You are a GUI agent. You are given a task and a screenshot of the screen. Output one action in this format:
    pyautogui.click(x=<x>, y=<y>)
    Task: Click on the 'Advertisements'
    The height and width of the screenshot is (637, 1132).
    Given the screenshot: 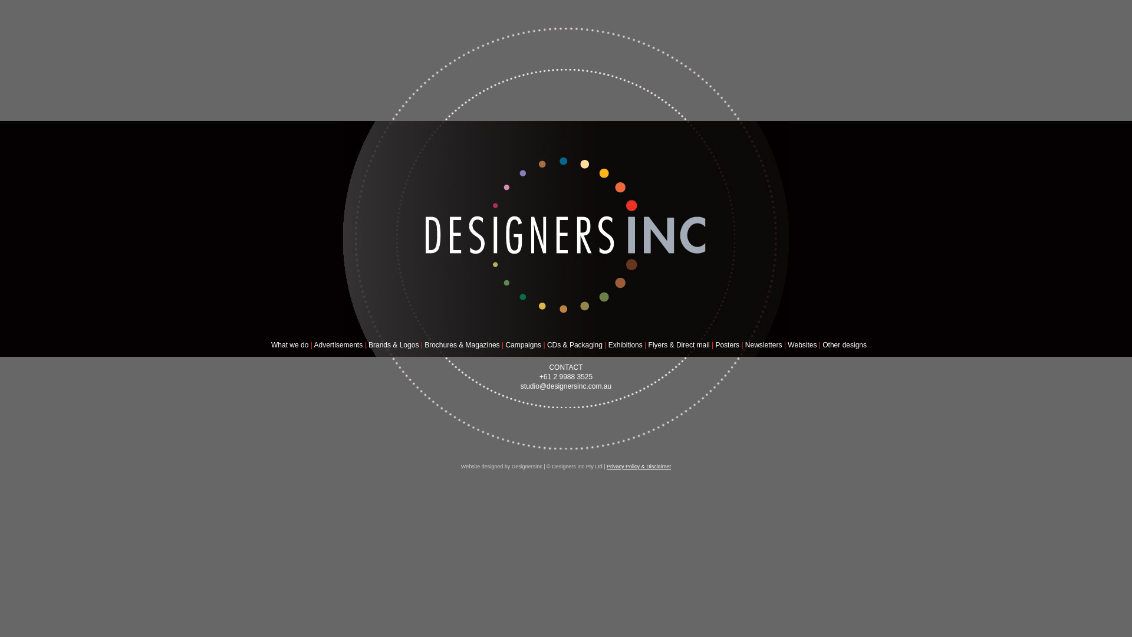 What is the action you would take?
    pyautogui.click(x=337, y=345)
    